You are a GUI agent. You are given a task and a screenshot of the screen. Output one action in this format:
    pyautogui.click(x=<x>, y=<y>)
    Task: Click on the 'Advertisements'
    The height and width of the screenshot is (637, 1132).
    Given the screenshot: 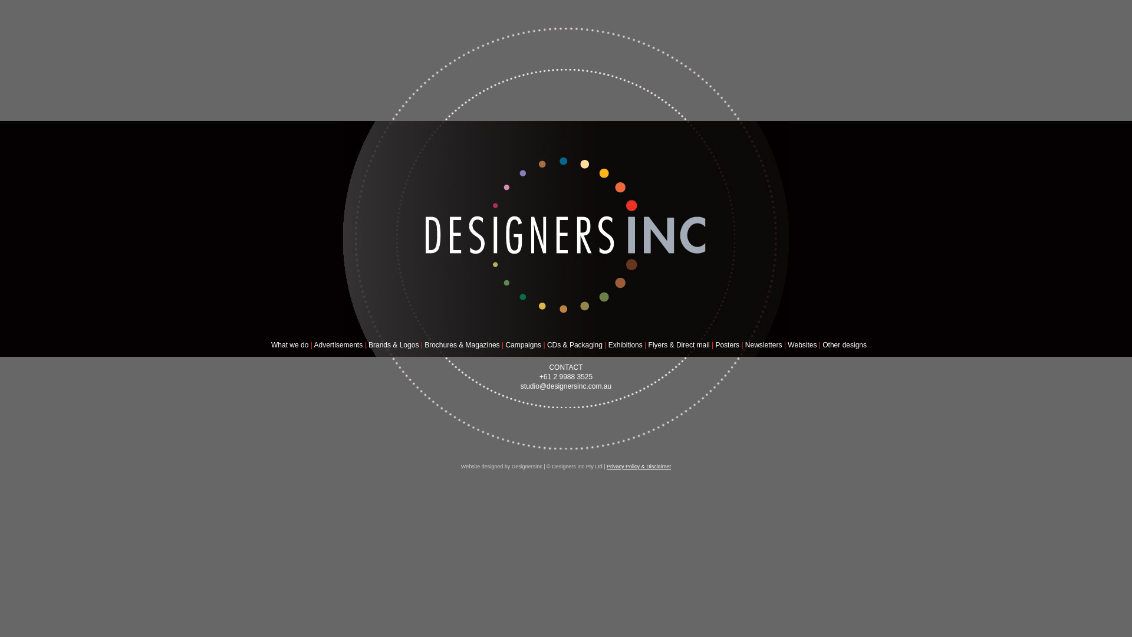 What is the action you would take?
    pyautogui.click(x=337, y=345)
    